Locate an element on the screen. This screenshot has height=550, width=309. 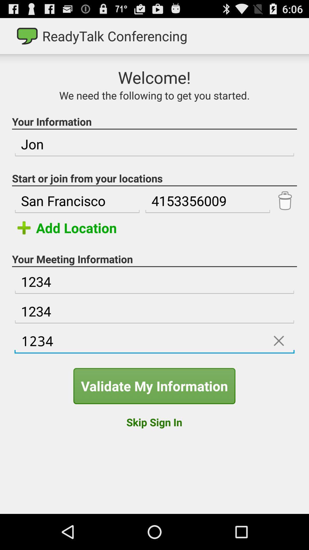
the item to the right of san francisco icon is located at coordinates (207, 201).